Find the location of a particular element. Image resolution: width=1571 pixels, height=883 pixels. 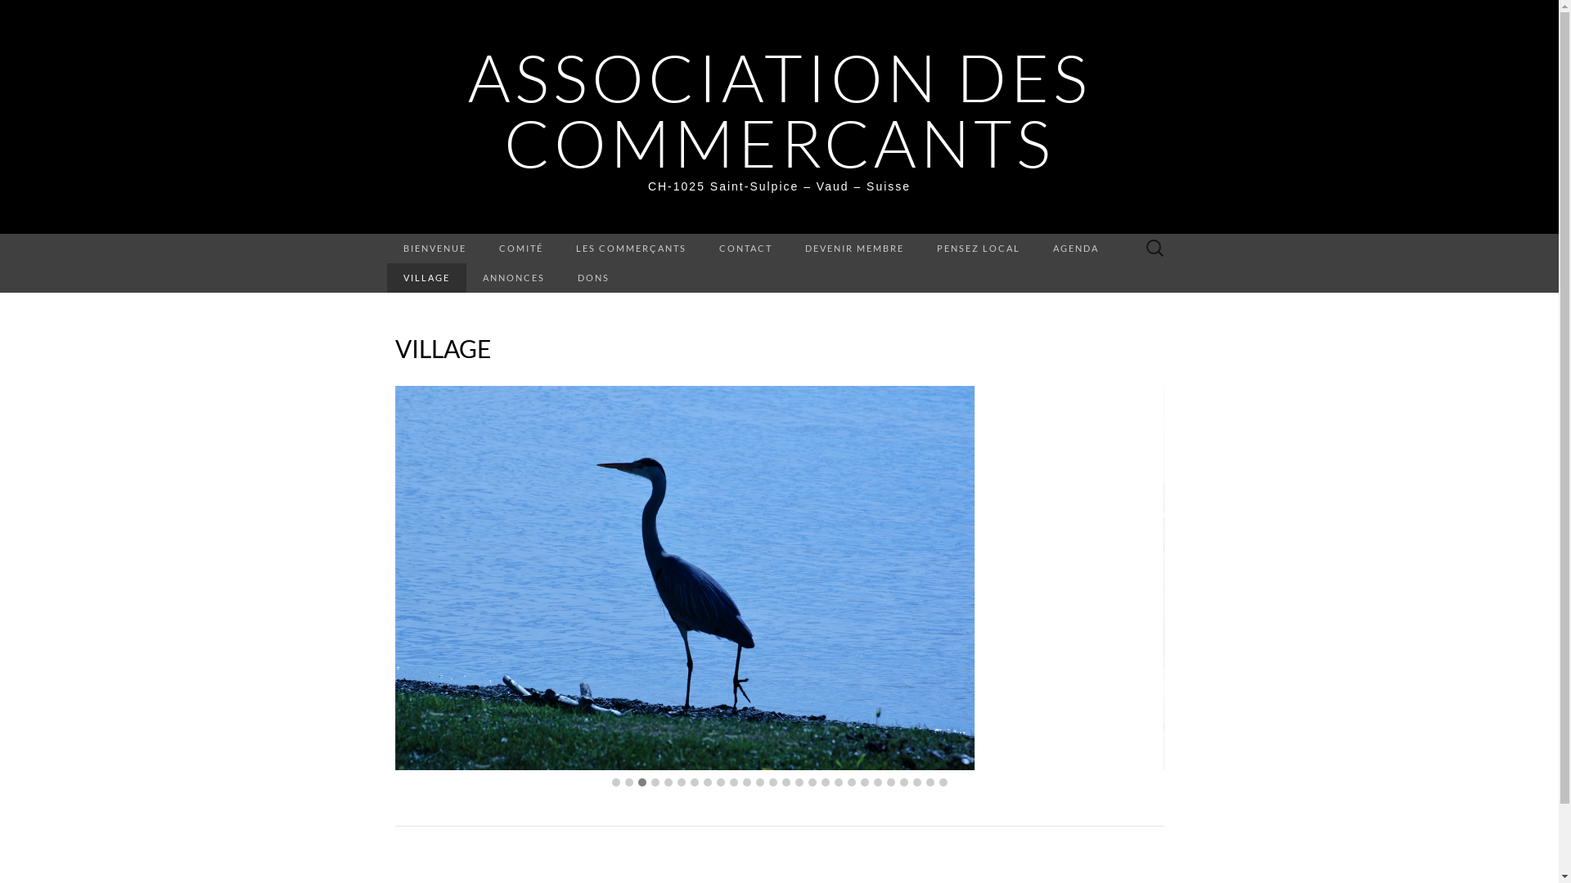

'DEVENIR MEMBRE' is located at coordinates (853, 249).